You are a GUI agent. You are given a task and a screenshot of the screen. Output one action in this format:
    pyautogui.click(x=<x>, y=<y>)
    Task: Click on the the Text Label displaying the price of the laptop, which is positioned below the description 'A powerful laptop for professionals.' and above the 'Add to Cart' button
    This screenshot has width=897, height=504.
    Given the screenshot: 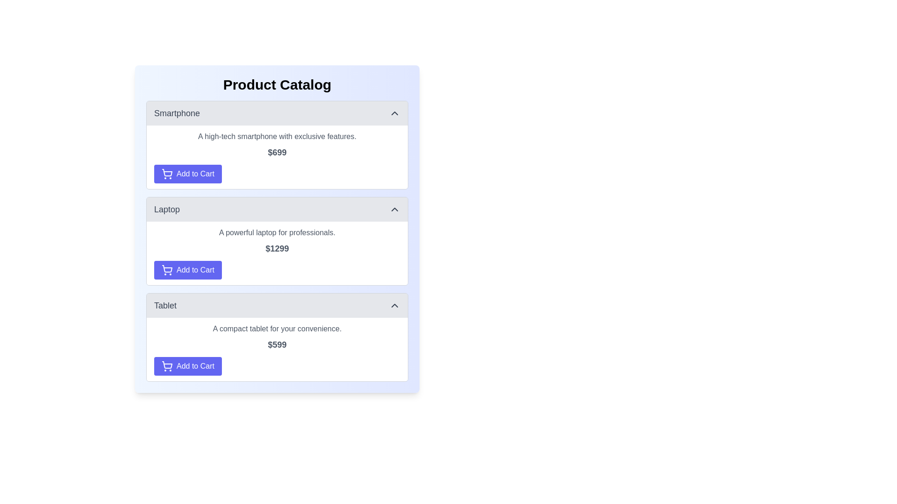 What is the action you would take?
    pyautogui.click(x=277, y=248)
    